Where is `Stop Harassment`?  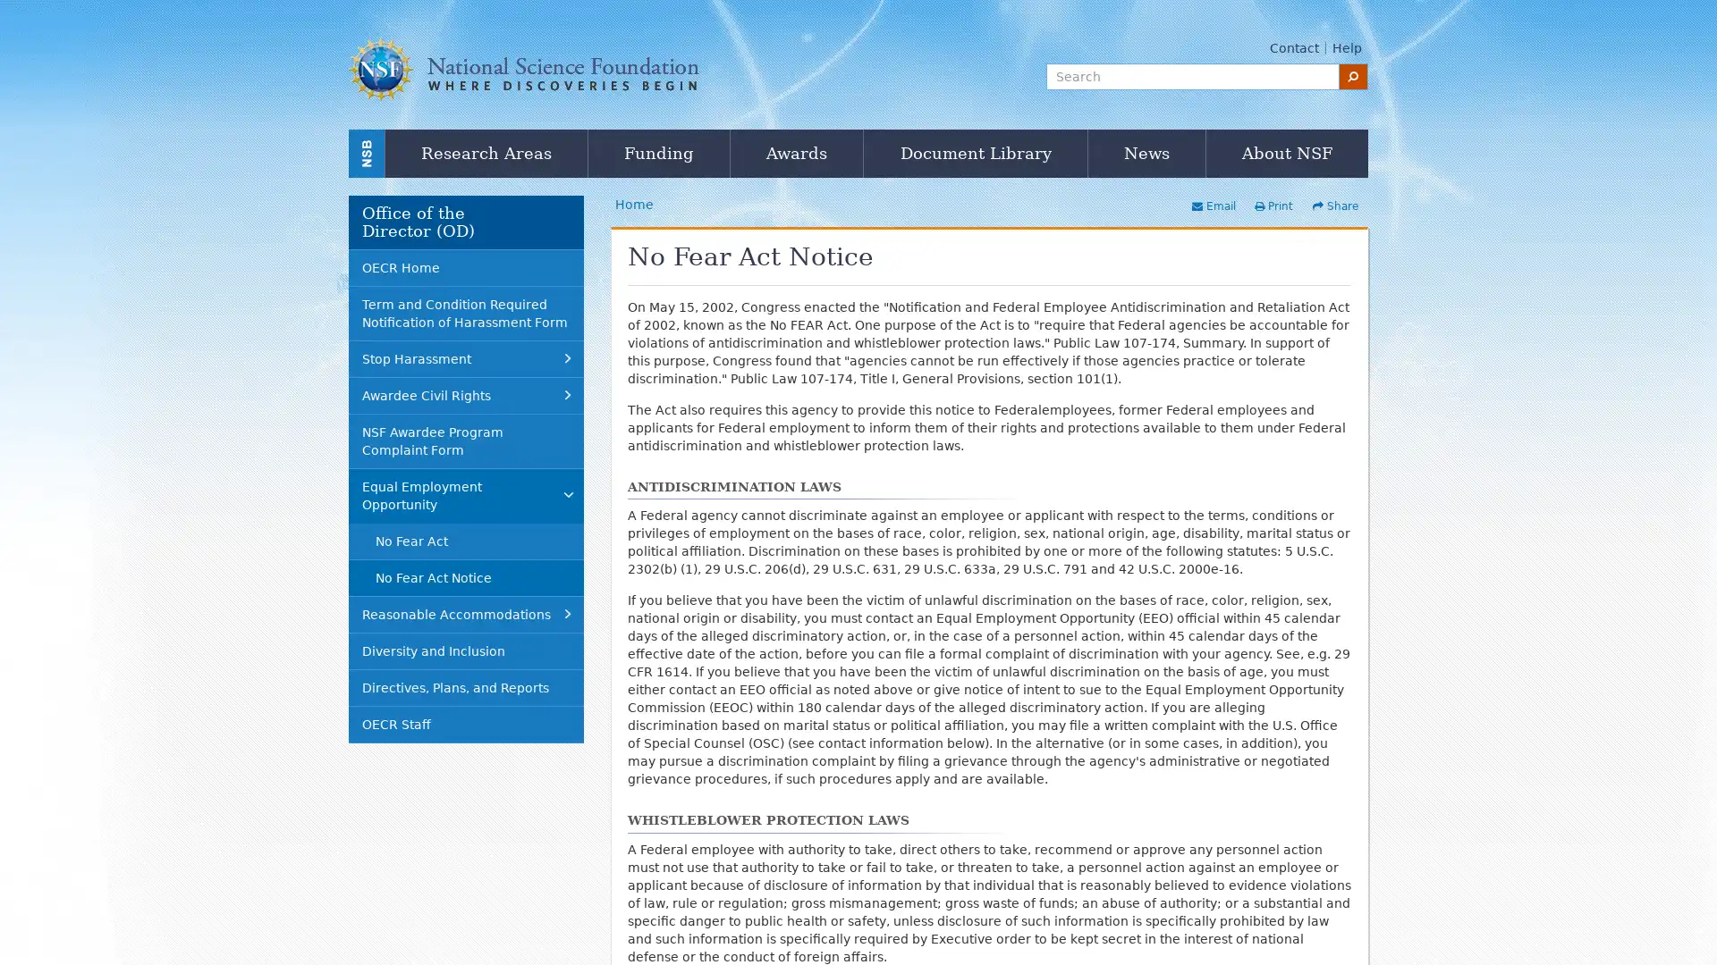
Stop Harassment is located at coordinates (466, 358).